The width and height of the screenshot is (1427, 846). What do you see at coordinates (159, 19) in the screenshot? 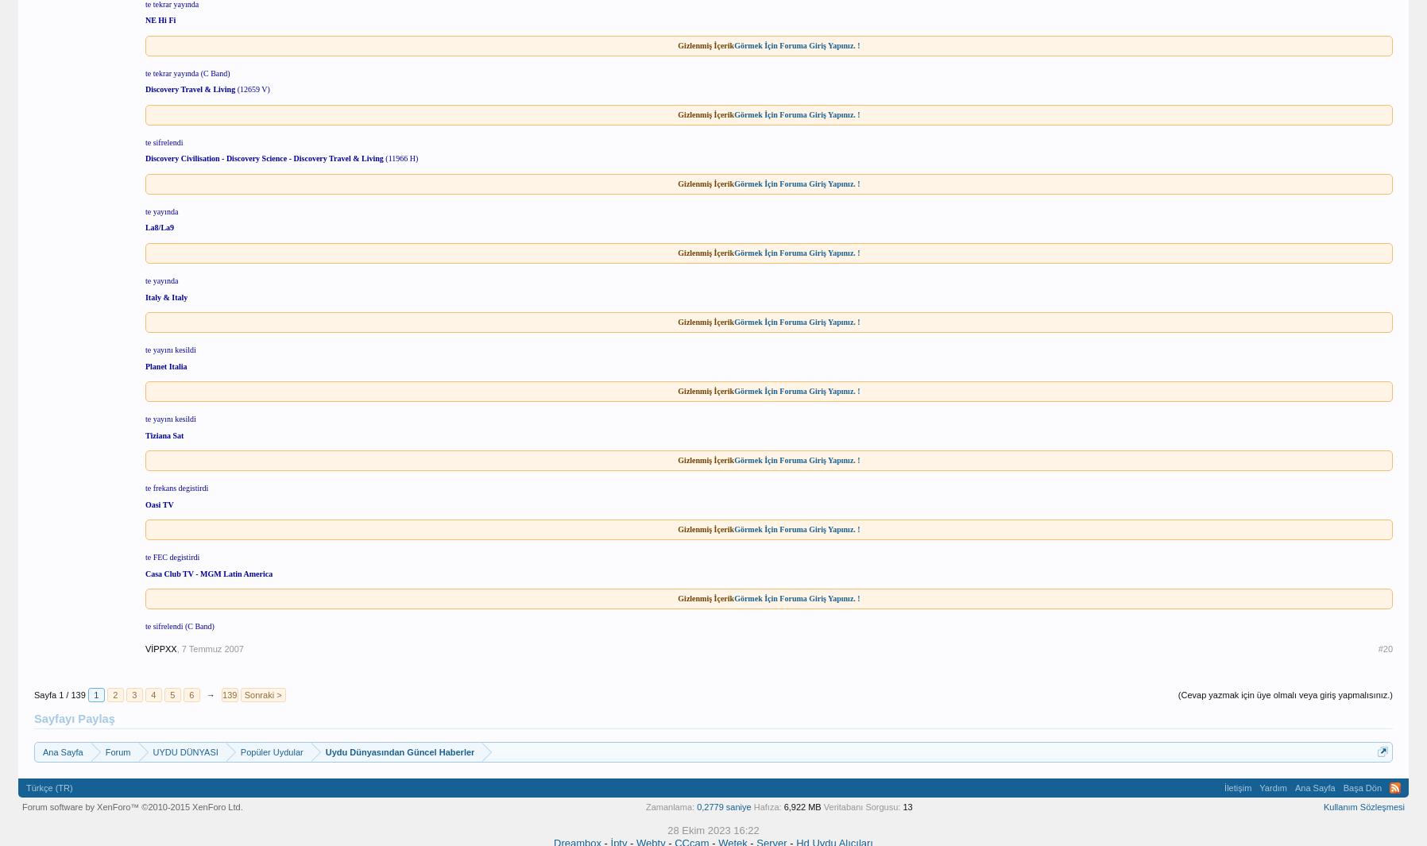
I see `'NE Hi Fi'` at bounding box center [159, 19].